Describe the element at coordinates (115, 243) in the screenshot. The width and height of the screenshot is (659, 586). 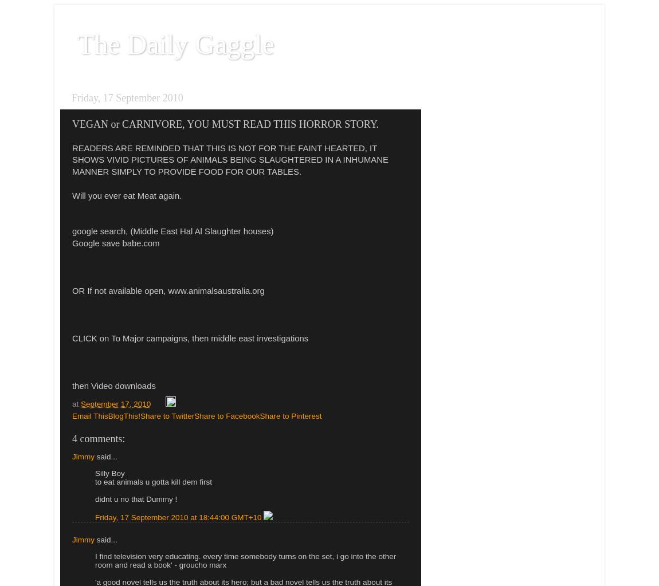
I see `'Google save babe.com'` at that location.